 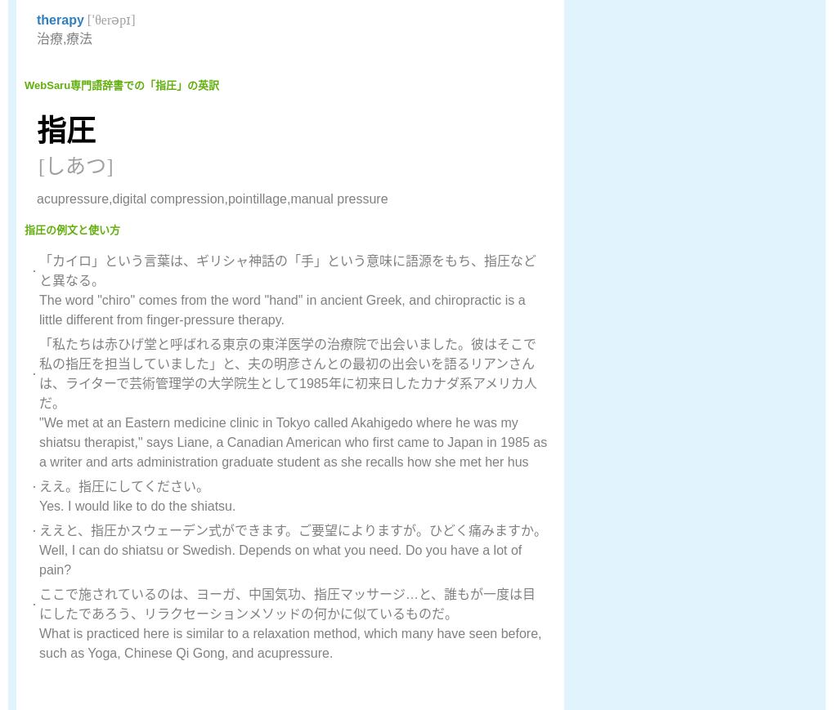 What do you see at coordinates (280, 560) in the screenshot?
I see `'Well, I can do shiatsu or Swedish. Depends on what you need. Do you have a lot of pain?'` at bounding box center [280, 560].